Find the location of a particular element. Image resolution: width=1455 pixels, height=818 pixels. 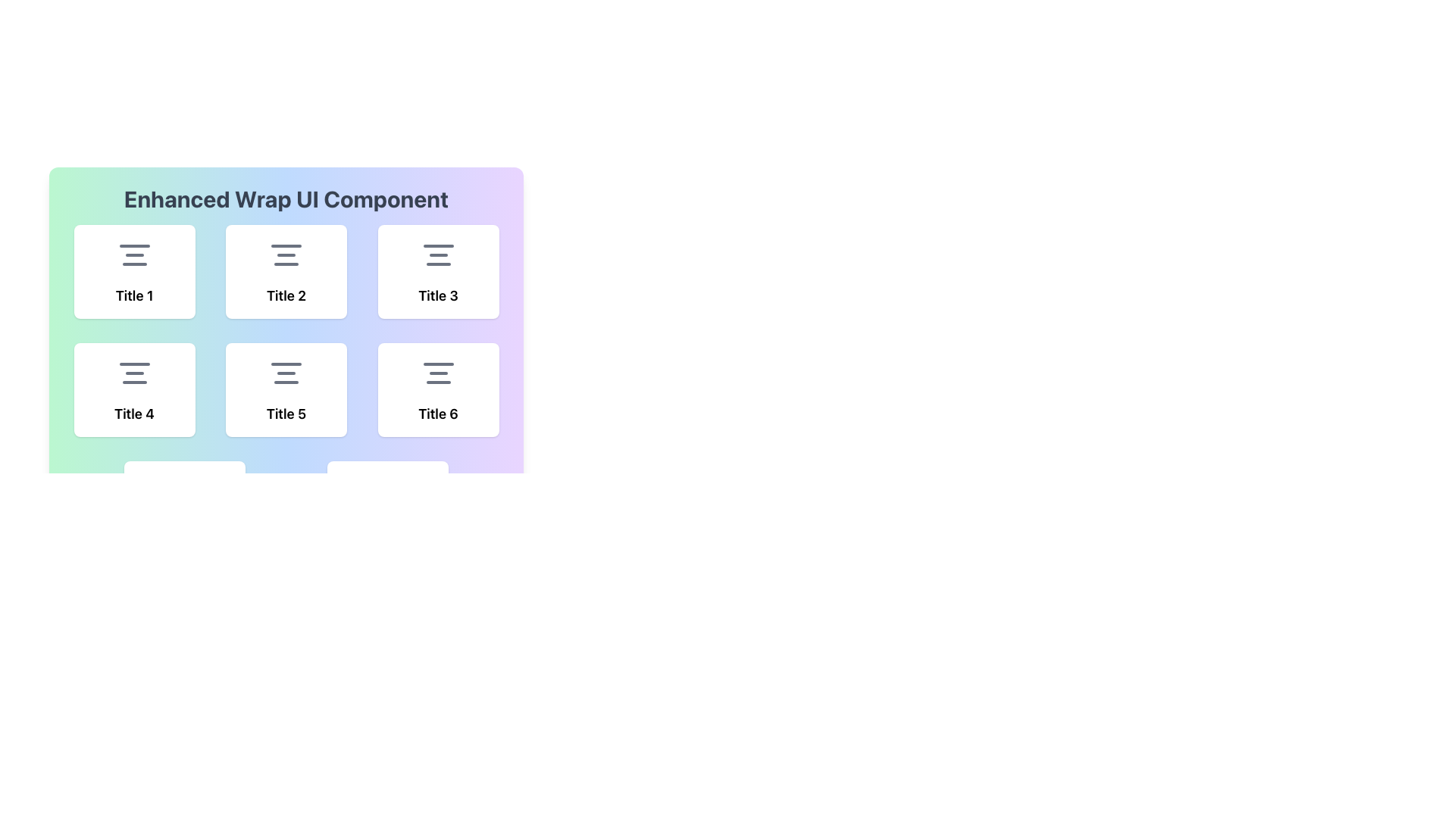

the vertically-aligned, center-justified icon with three parallel horizontal lines in a monochrome grey style, located within the first card of a 3x2 grid layout above the text 'Title 1' is located at coordinates (134, 254).